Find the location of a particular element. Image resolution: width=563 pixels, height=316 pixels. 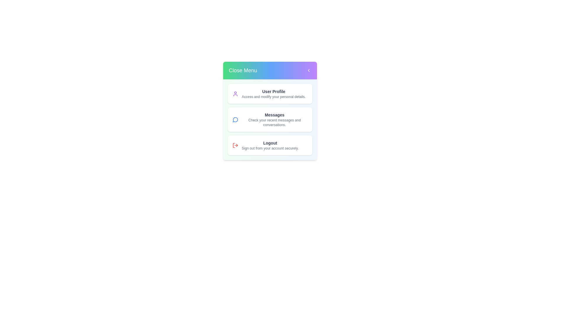

the menu option Logout by clicking on it is located at coordinates (269, 145).